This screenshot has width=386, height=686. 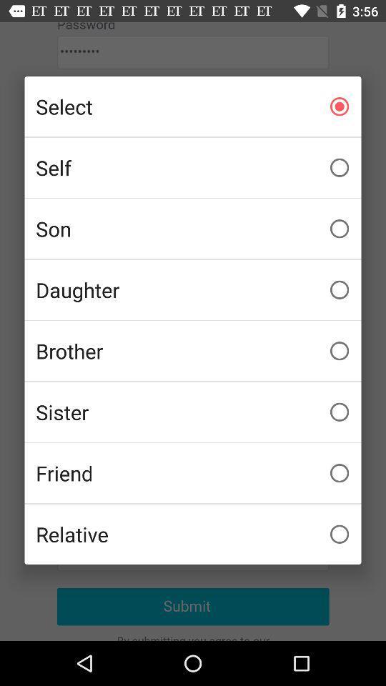 I want to click on icon below the brother item, so click(x=193, y=412).